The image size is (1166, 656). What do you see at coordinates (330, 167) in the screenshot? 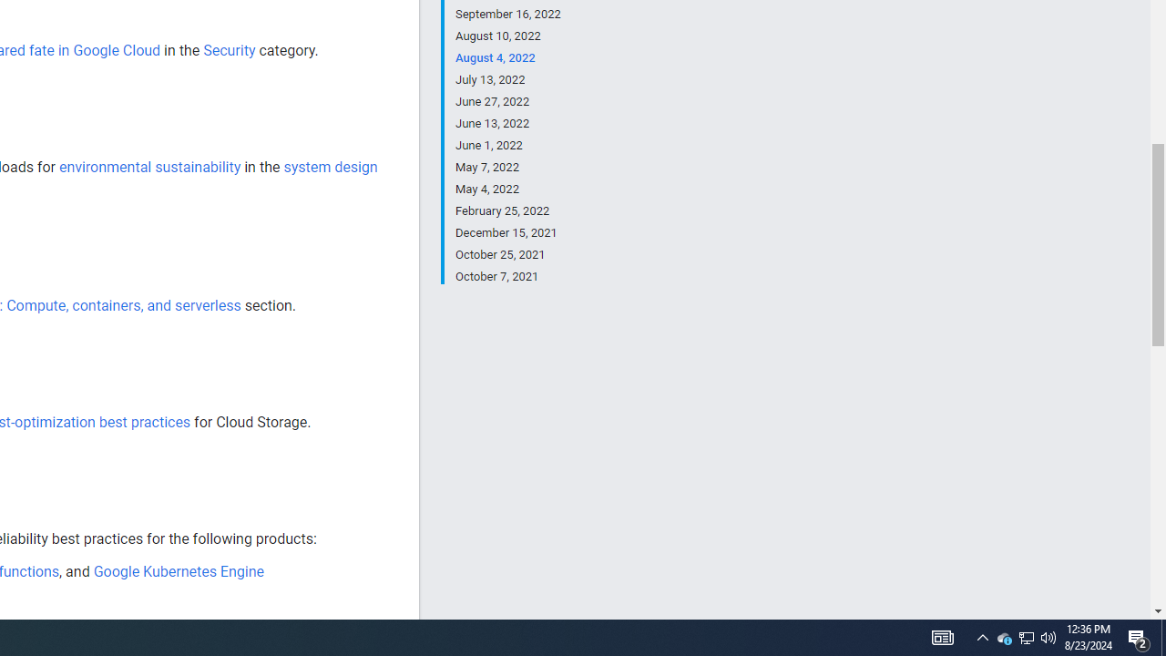
I see `'system design'` at bounding box center [330, 167].